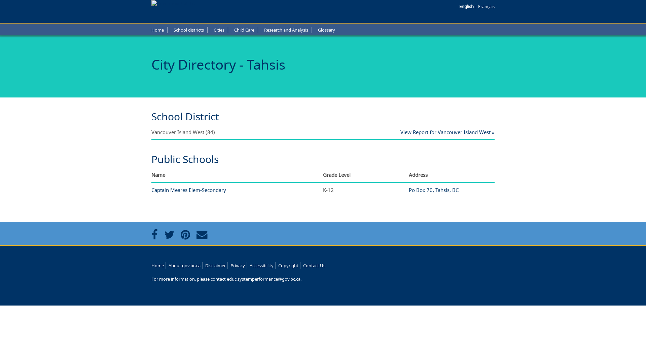 Image resolution: width=646 pixels, height=363 pixels. Describe the element at coordinates (203, 234) in the screenshot. I see `'Share this page via email'` at that location.